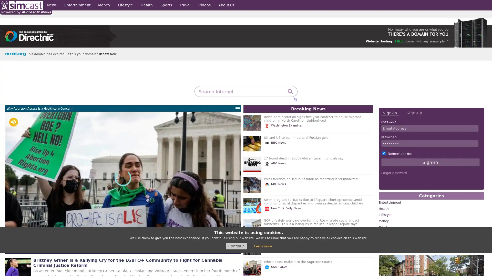  What do you see at coordinates (389, 113) in the screenshot?
I see `Sign-in` at bounding box center [389, 113].